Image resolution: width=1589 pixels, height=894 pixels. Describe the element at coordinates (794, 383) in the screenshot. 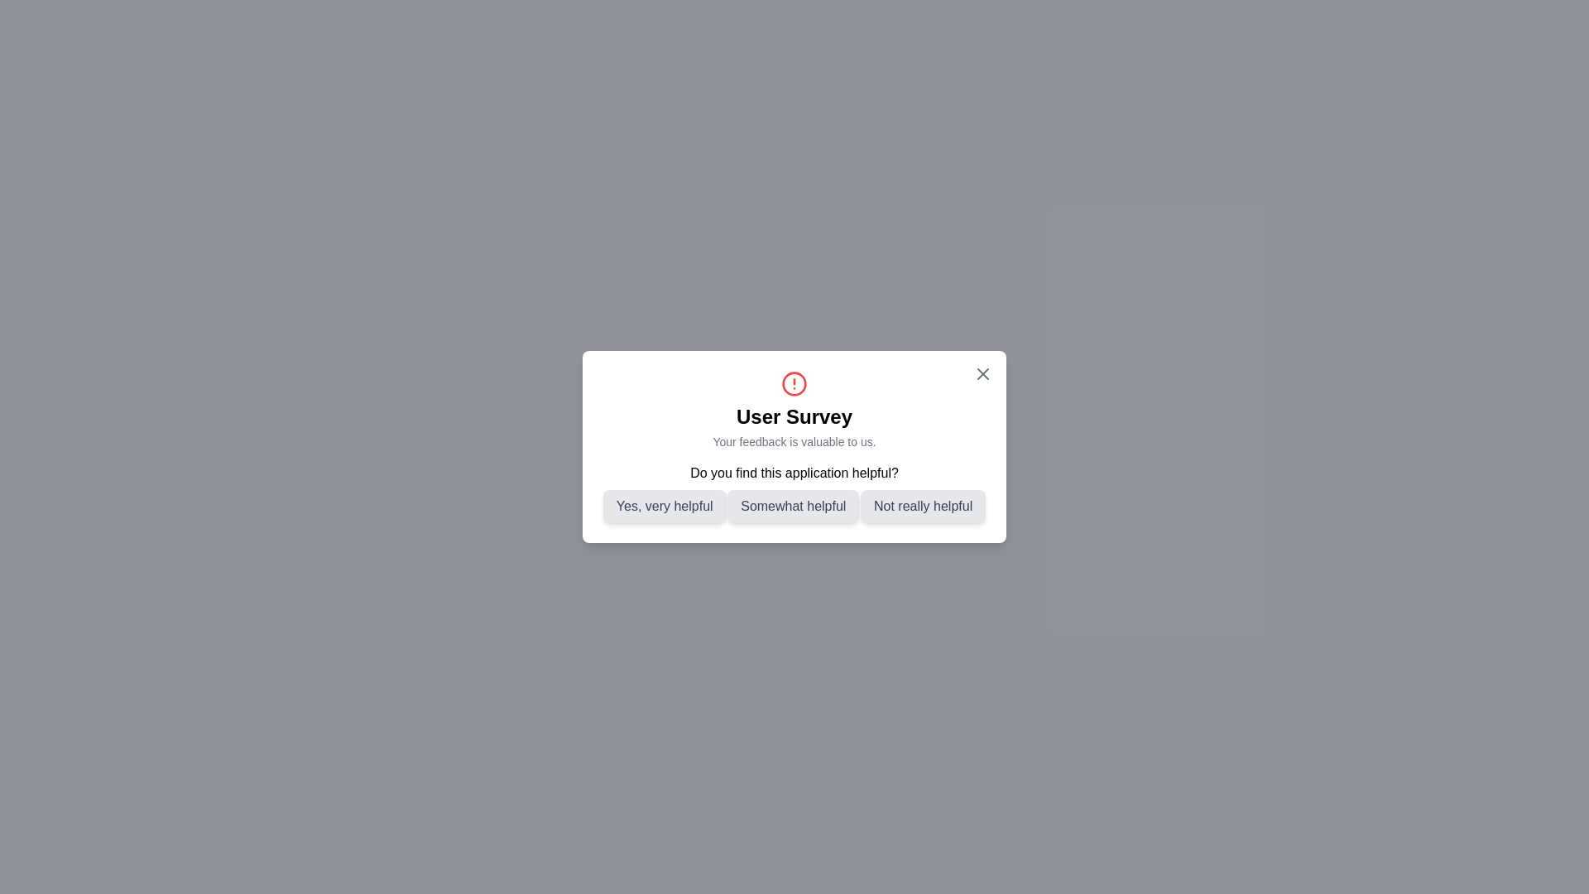

I see `circular icon component with red outlines and fill, located above the 'User Survey' text in the modal dialog` at that location.